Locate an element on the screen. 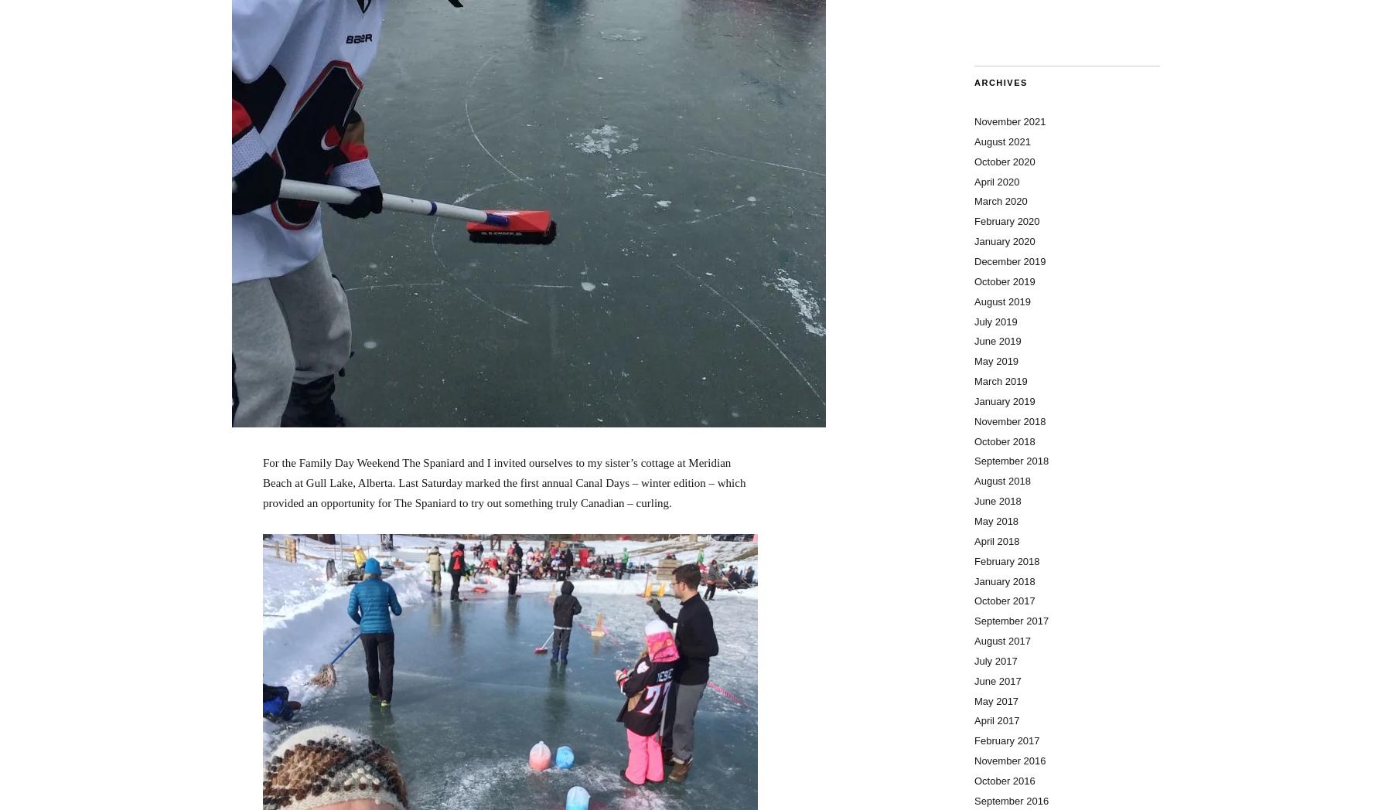 The height and width of the screenshot is (810, 1392). 'September 2016' is located at coordinates (1012, 800).